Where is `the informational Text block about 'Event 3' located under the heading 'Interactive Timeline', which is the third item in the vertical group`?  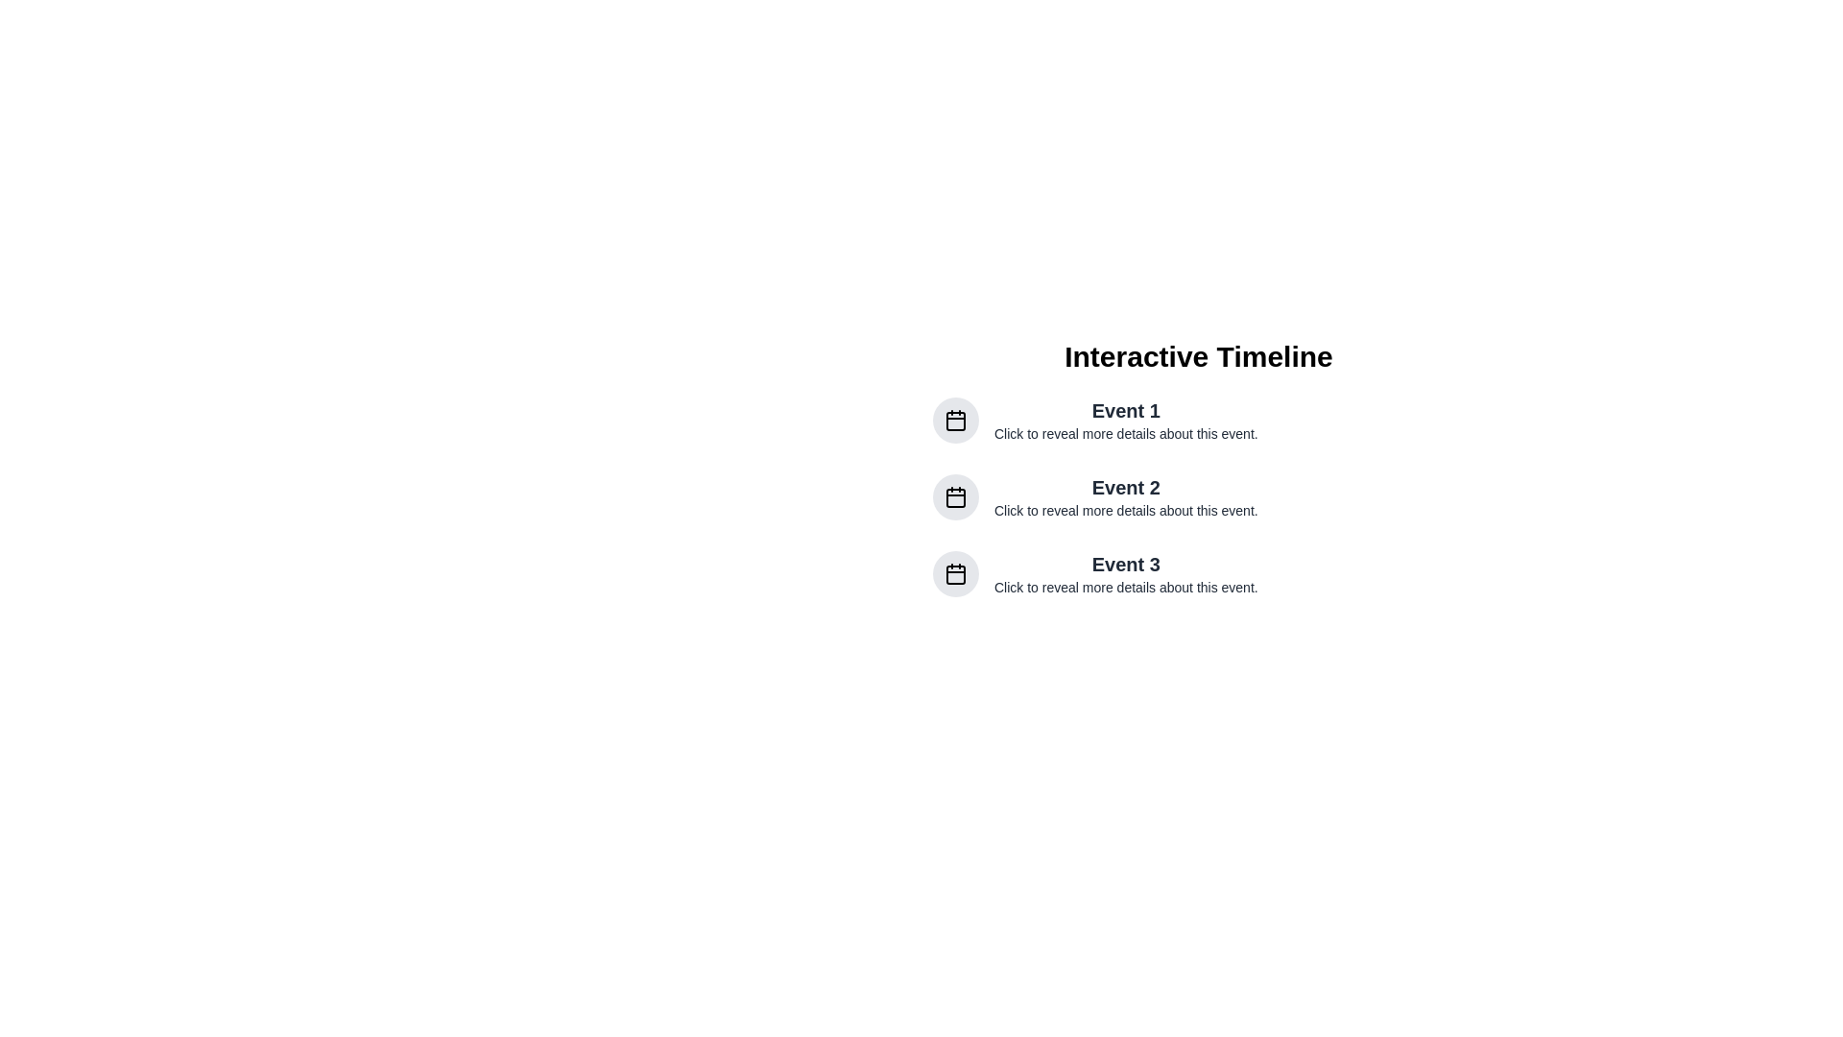
the informational Text block about 'Event 3' located under the heading 'Interactive Timeline', which is the third item in the vertical group is located at coordinates (1126, 572).